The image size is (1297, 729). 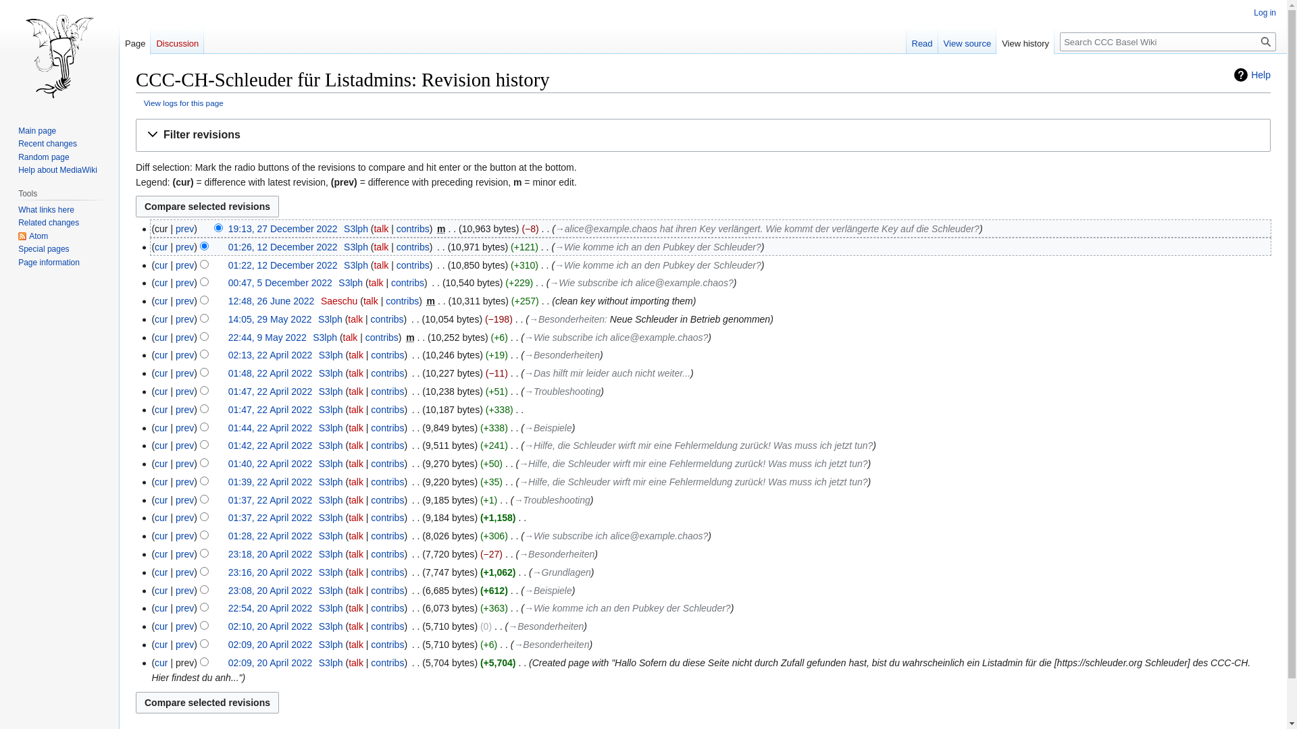 What do you see at coordinates (161, 662) in the screenshot?
I see `'cur'` at bounding box center [161, 662].